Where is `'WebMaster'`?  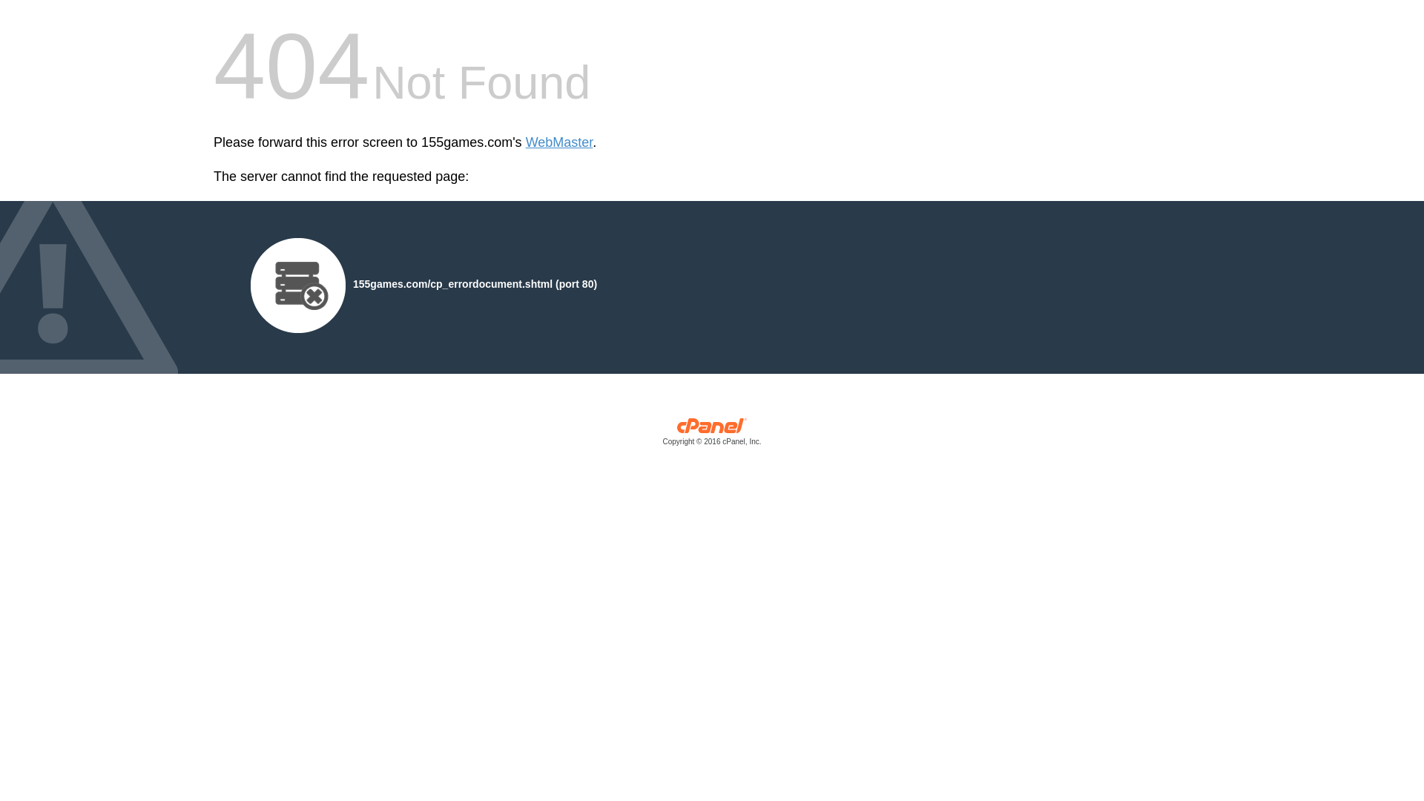
'WebMaster' is located at coordinates (558, 142).